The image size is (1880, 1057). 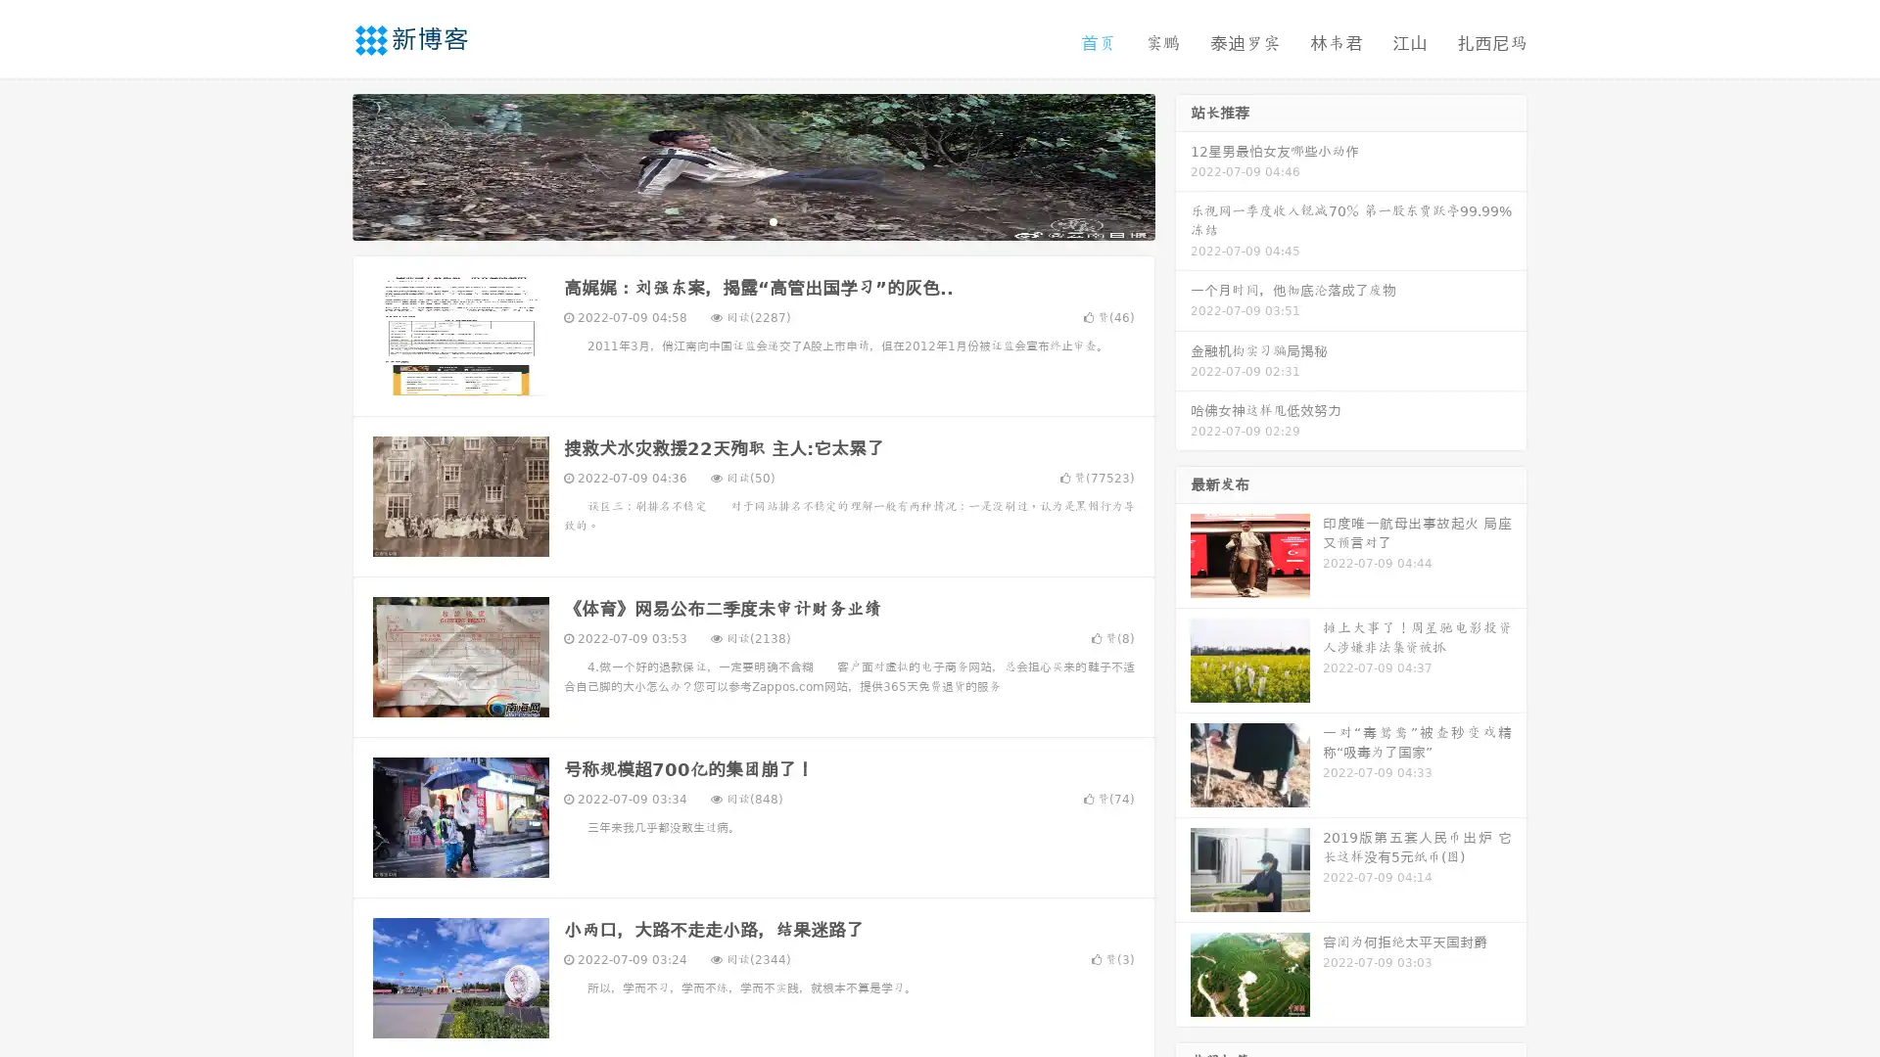 What do you see at coordinates (773, 220) in the screenshot?
I see `Go to slide 3` at bounding box center [773, 220].